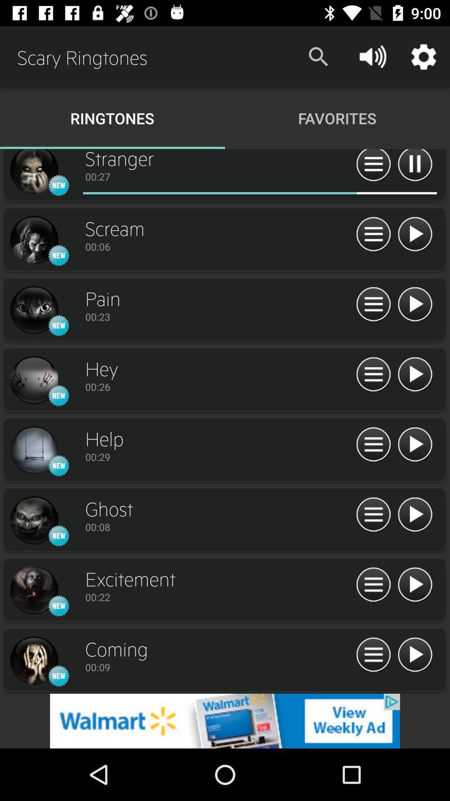  I want to click on options for track, so click(373, 444).